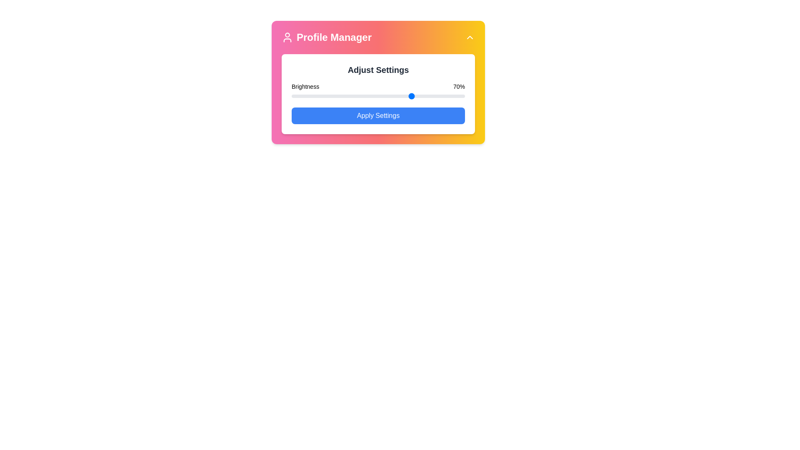  What do you see at coordinates (377, 115) in the screenshot?
I see `the rectangular blue button labeled 'Apply Settings'` at bounding box center [377, 115].